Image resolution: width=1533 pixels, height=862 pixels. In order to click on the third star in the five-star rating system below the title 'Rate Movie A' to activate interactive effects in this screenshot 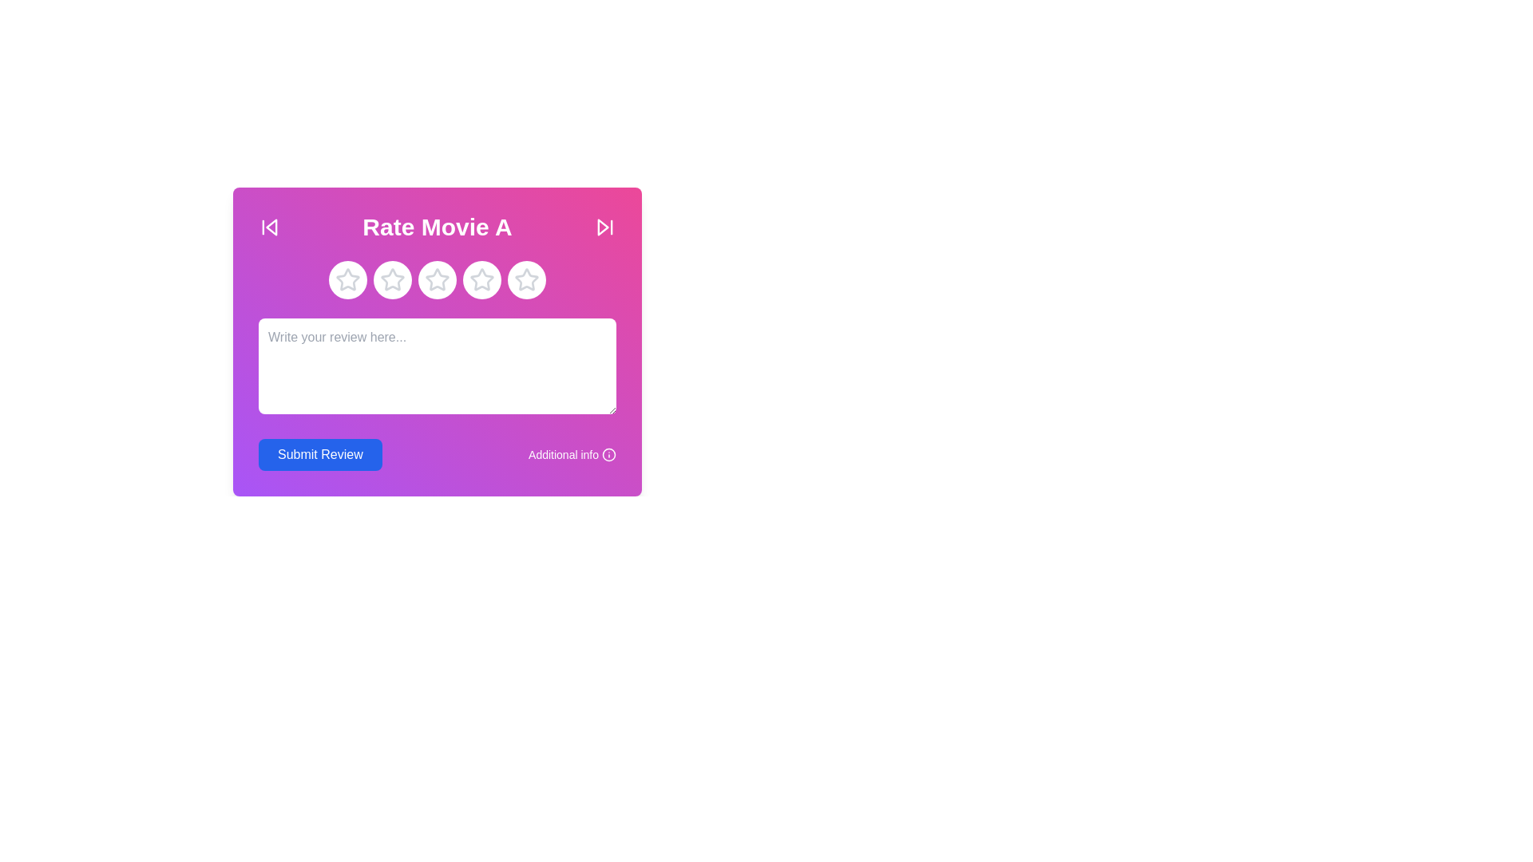, I will do `click(481, 279)`.